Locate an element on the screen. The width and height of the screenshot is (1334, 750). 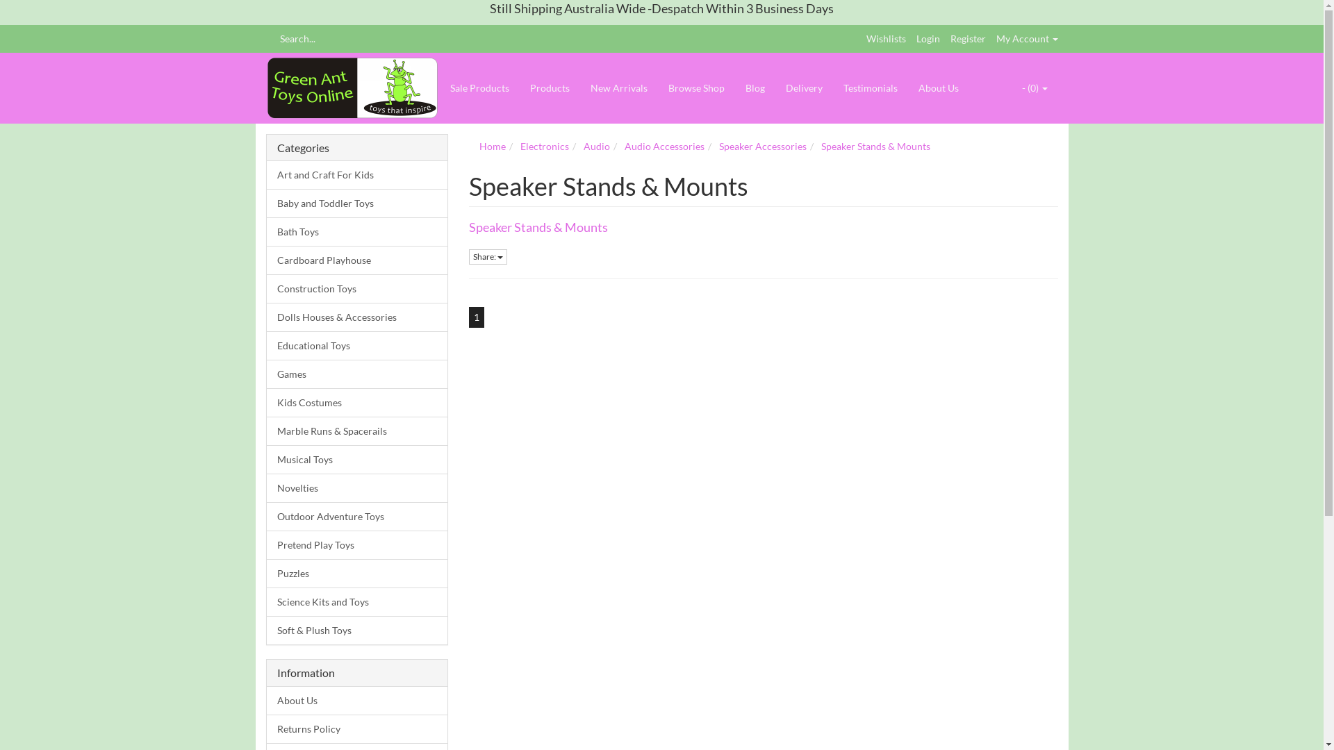
'Register' is located at coordinates (967, 37).